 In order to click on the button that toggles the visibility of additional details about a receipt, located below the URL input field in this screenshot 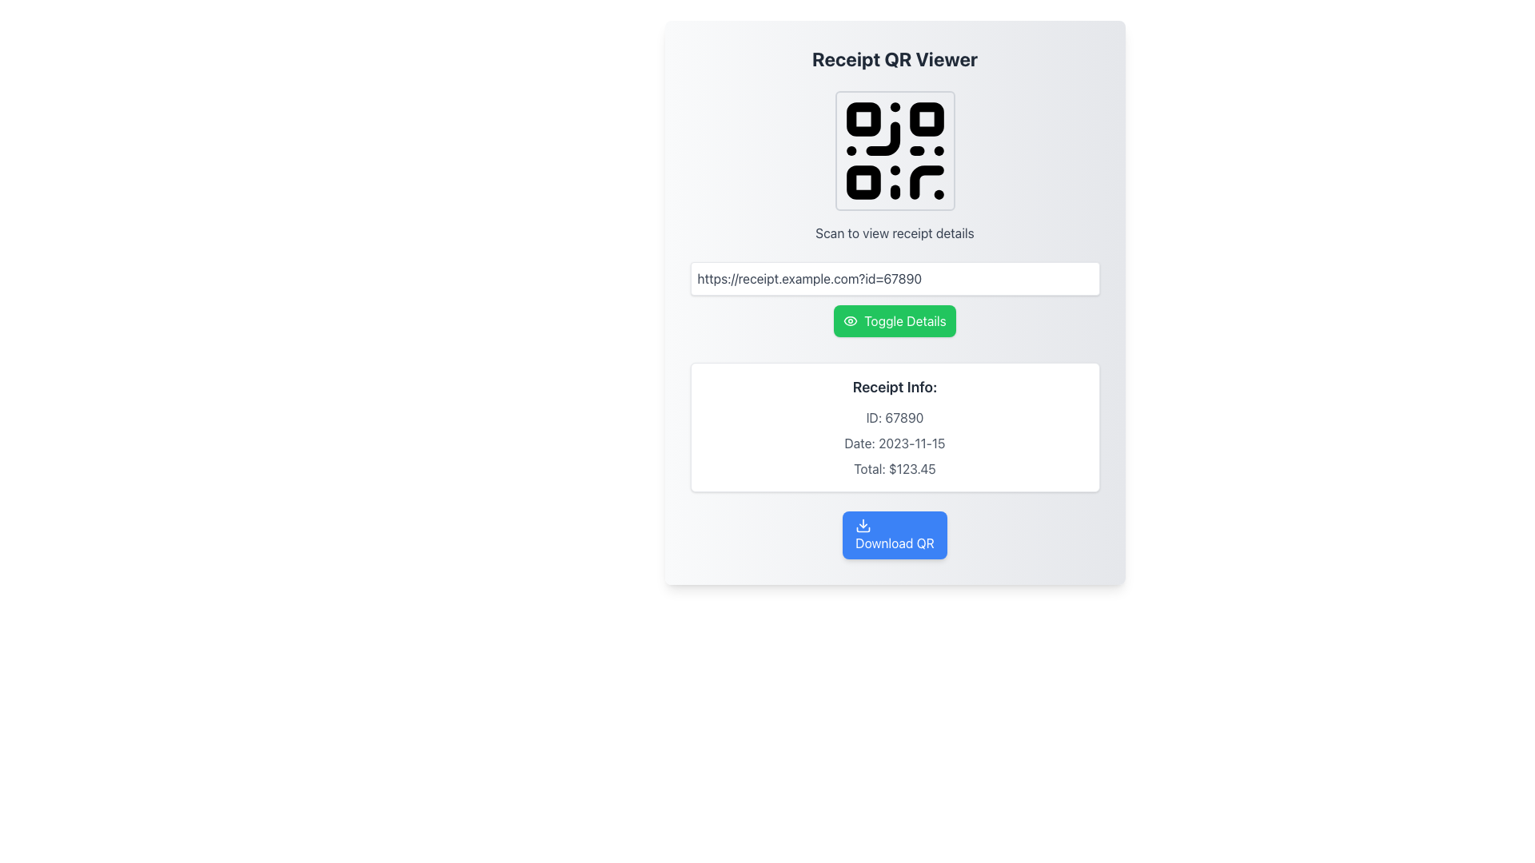, I will do `click(894, 320)`.